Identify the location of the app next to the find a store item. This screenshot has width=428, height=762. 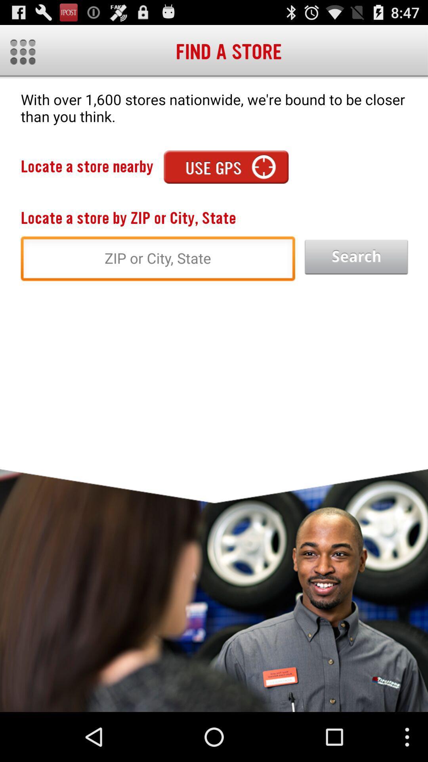
(22, 52).